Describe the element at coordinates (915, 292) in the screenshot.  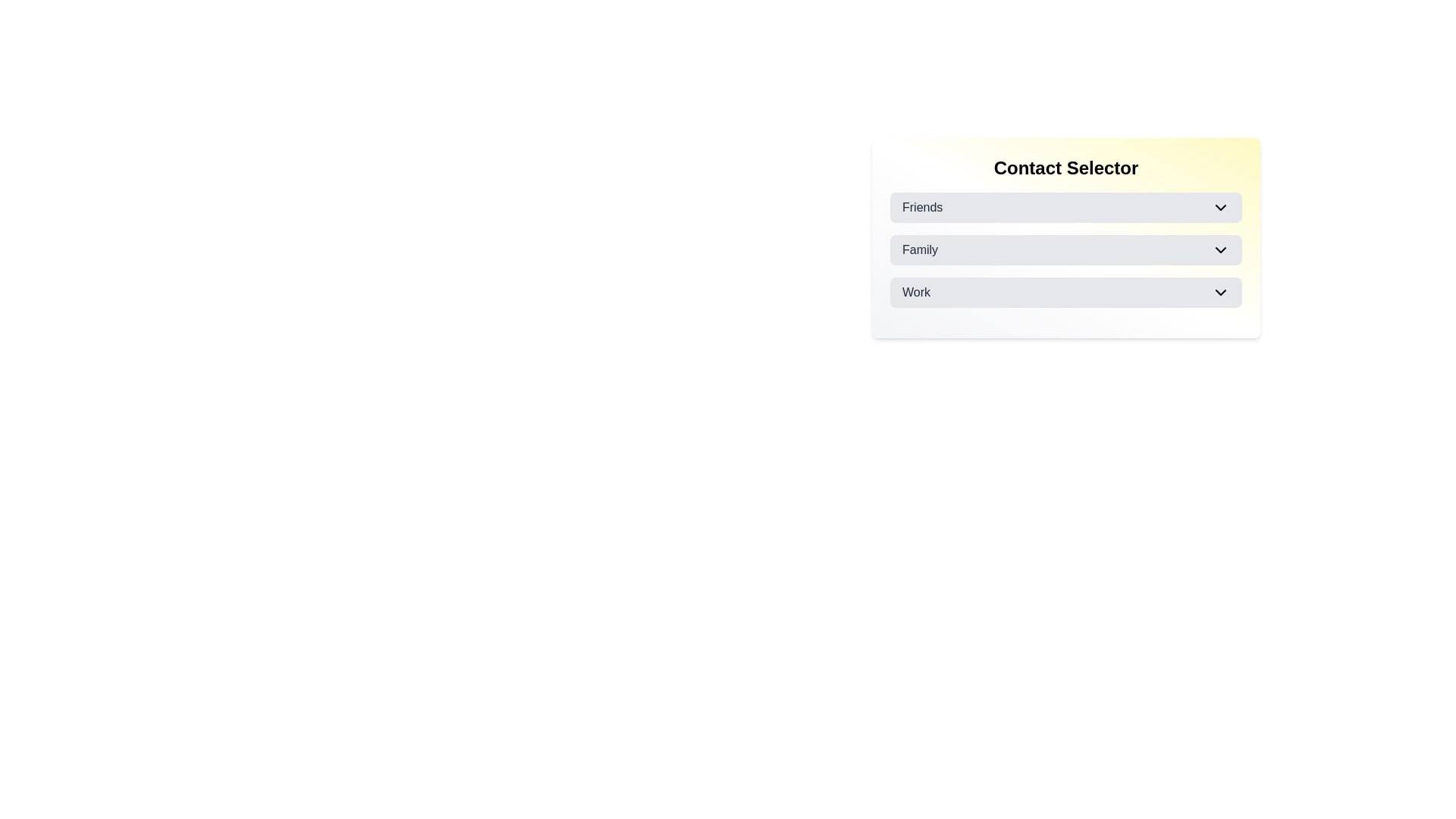
I see `the static text label positioned to the left of the dropdown arrow in the bottommost row of the list, which categorizes the context as 'Friends' or 'Family'` at that location.